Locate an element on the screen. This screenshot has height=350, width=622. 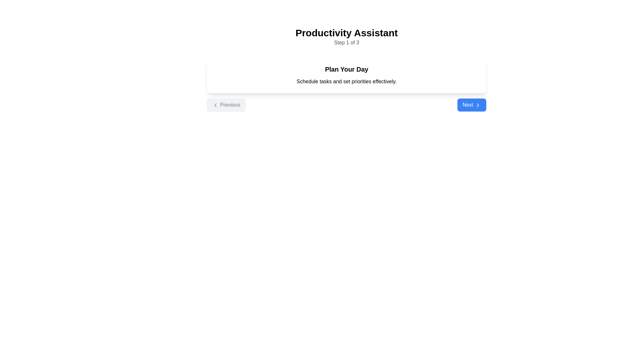
the navigation button that allows the user to return to the previous step or page in the sequential flow is located at coordinates (226, 105).